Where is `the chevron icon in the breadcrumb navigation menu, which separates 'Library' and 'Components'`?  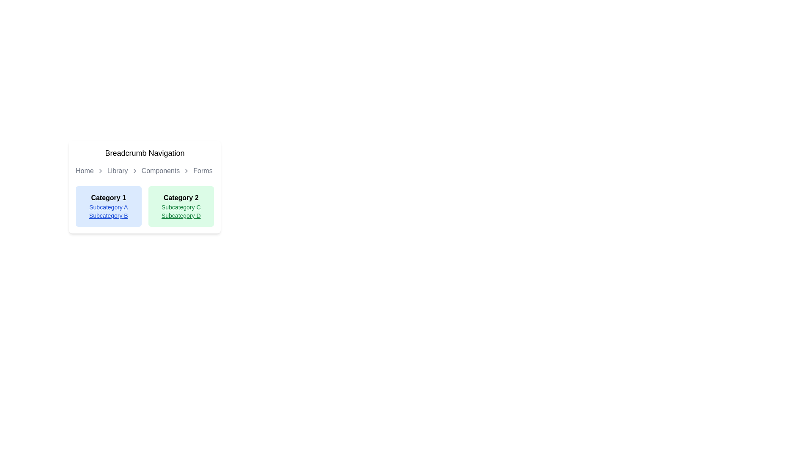 the chevron icon in the breadcrumb navigation menu, which separates 'Library' and 'Components' is located at coordinates (134, 171).